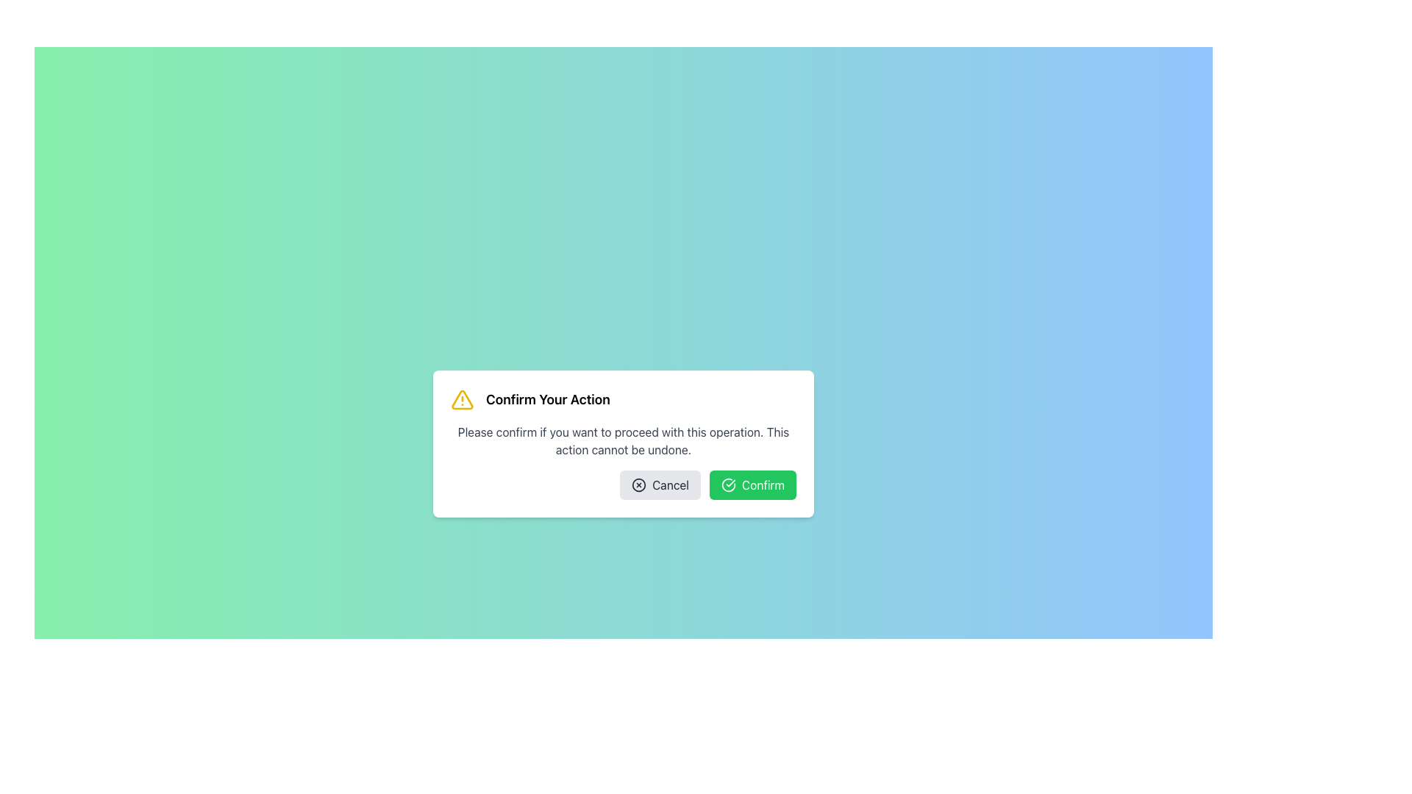 Image resolution: width=1412 pixels, height=794 pixels. Describe the element at coordinates (639, 484) in the screenshot. I see `the visual appearance of the circular cancel icon with a central 'X' symbol, which is part of the 'Cancel' button on the left side of the confirmation dialog` at that location.